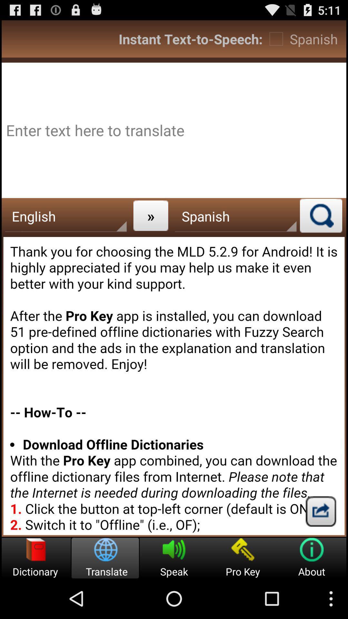 This screenshot has width=348, height=619. I want to click on text to be translated, so click(174, 130).